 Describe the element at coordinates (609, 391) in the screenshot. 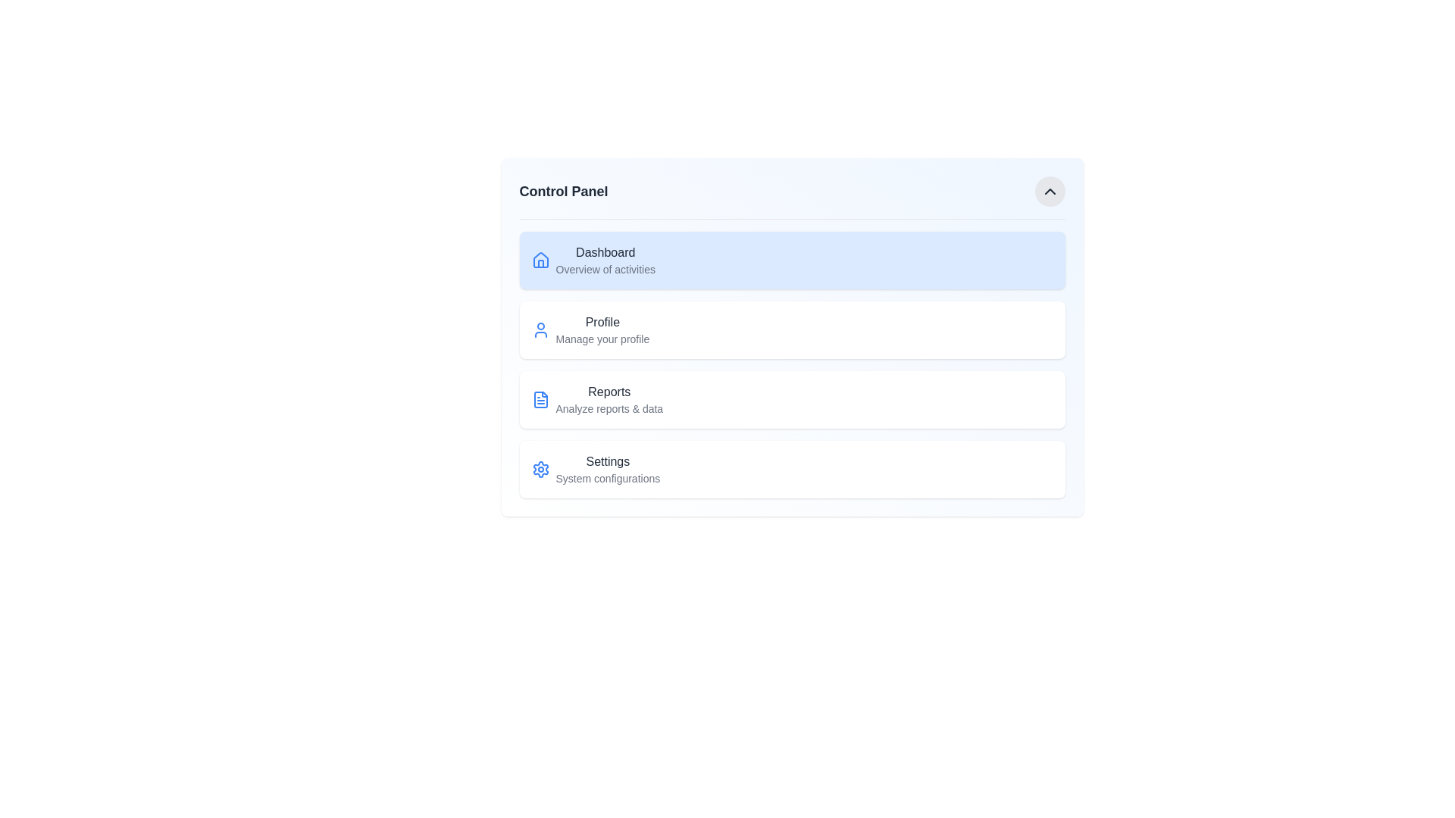

I see `the 'Reports' text label element, which is styled with a medium font weight and gray color, positioned above the descriptive text 'Analyze reports & data'` at that location.